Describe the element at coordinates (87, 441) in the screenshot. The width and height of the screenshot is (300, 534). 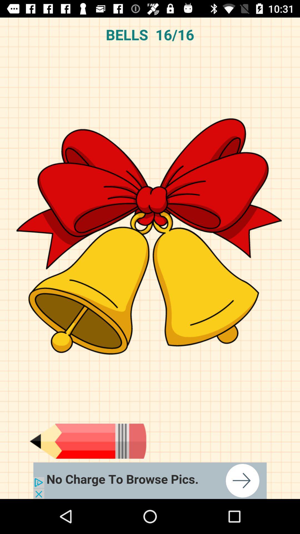
I see `use the pencil` at that location.